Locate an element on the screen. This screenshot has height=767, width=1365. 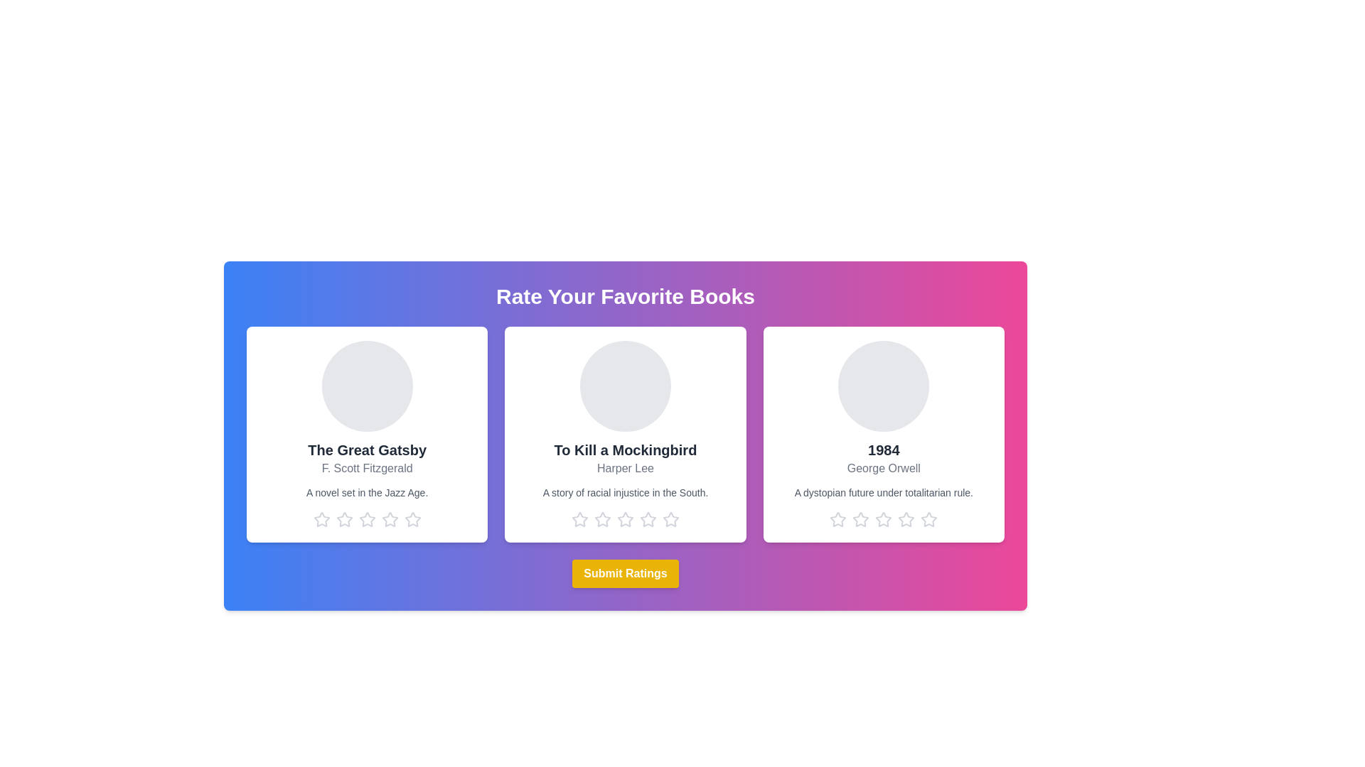
the star corresponding to 3 stars for the book titled To Kill a Mockingbird is located at coordinates (625, 520).